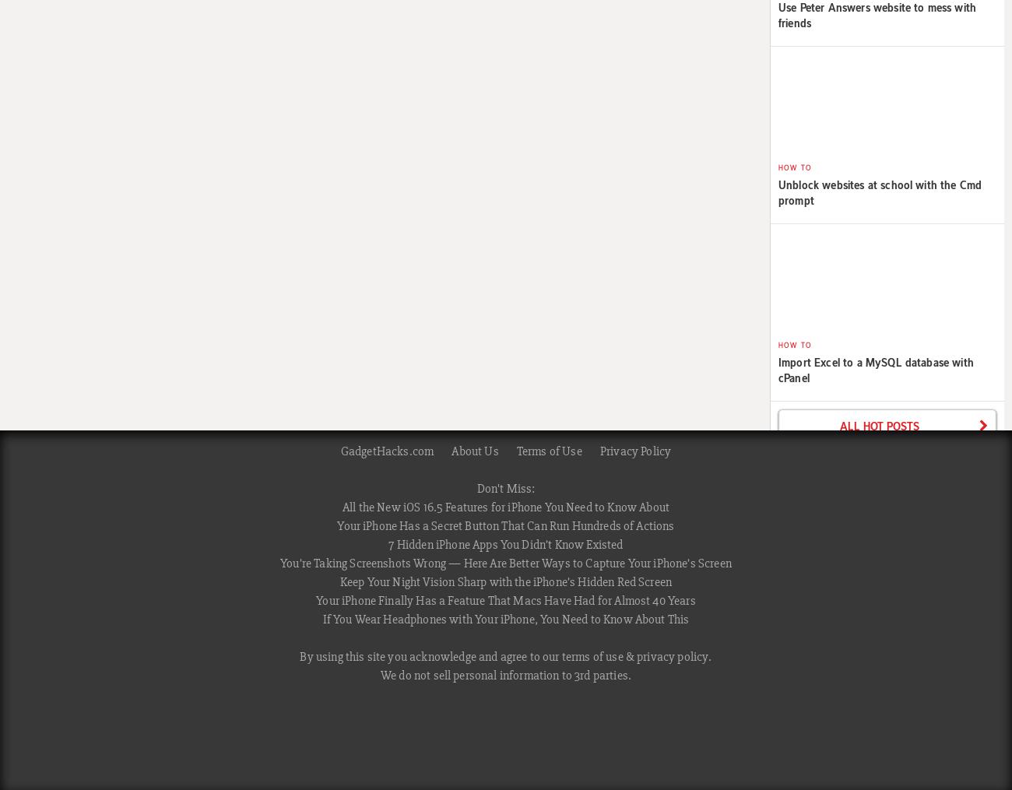 Image resolution: width=1012 pixels, height=790 pixels. Describe the element at coordinates (708, 656) in the screenshot. I see `'.'` at that location.